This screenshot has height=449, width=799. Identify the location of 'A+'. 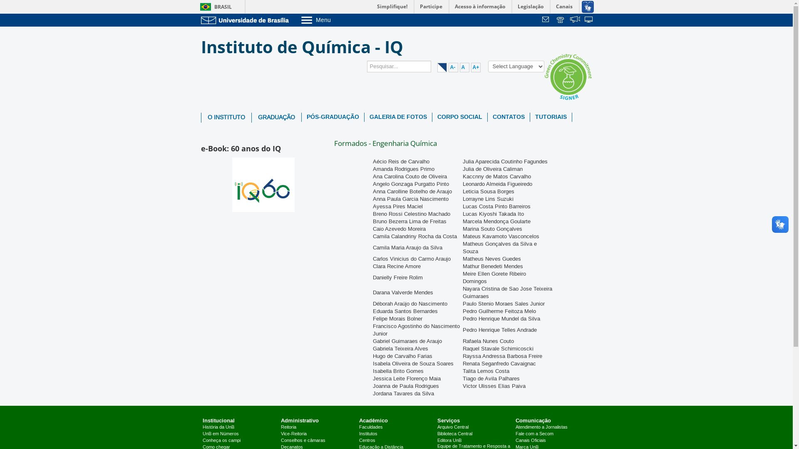
(476, 67).